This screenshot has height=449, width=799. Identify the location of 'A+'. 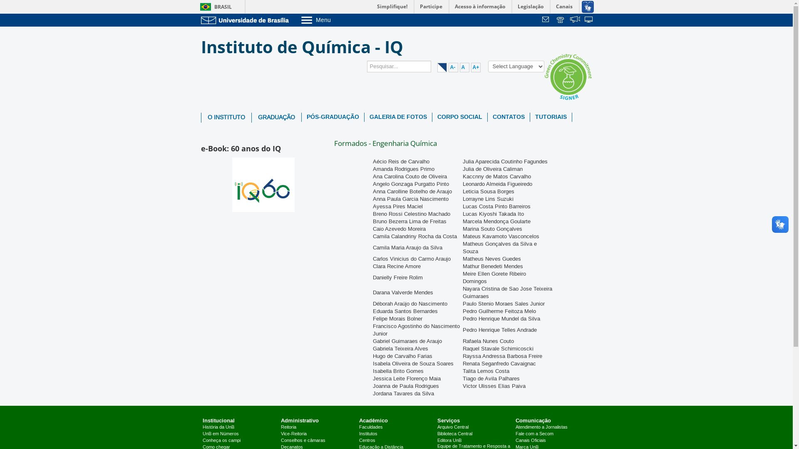
(476, 67).